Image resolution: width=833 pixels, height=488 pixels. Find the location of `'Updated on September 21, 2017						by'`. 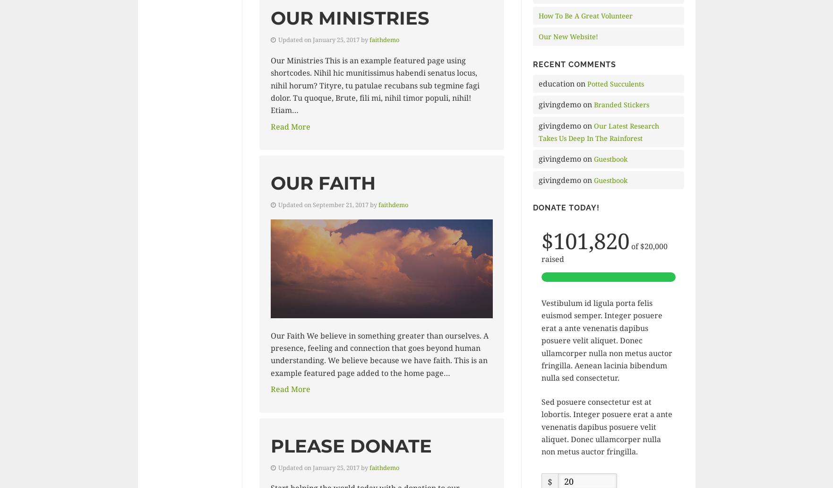

'Updated on September 21, 2017						by' is located at coordinates (327, 204).